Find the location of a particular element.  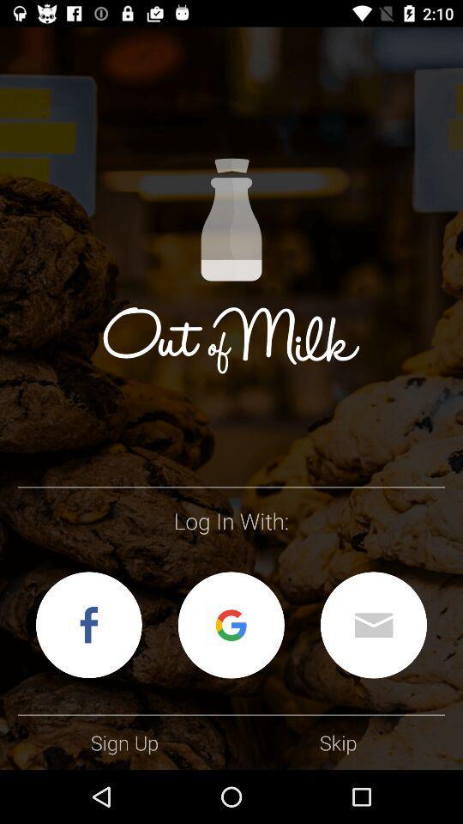

log in with google is located at coordinates (231, 624).